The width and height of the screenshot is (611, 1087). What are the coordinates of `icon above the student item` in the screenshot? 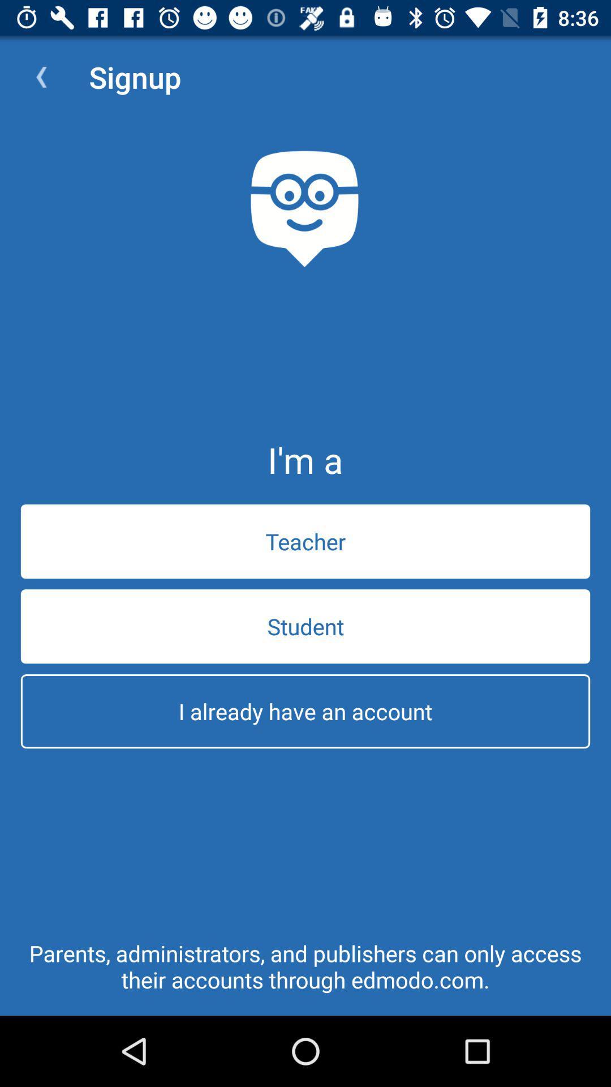 It's located at (305, 541).